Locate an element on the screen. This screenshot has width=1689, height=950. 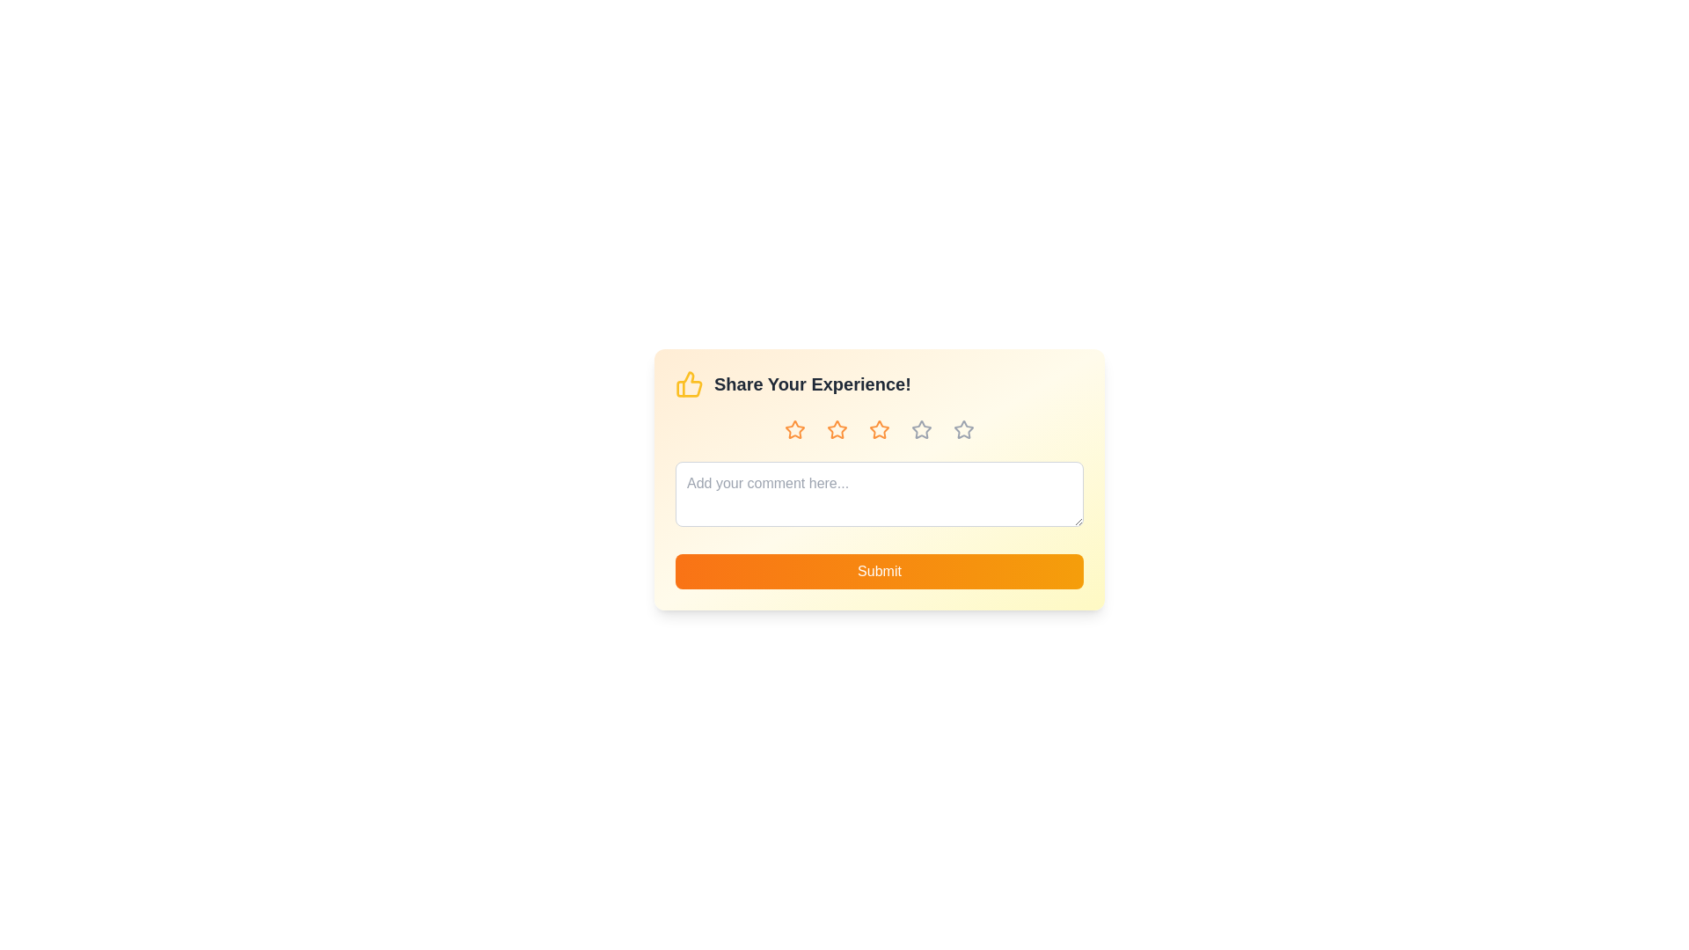
the rating to 5 stars by clicking on the respective star is located at coordinates (962, 430).